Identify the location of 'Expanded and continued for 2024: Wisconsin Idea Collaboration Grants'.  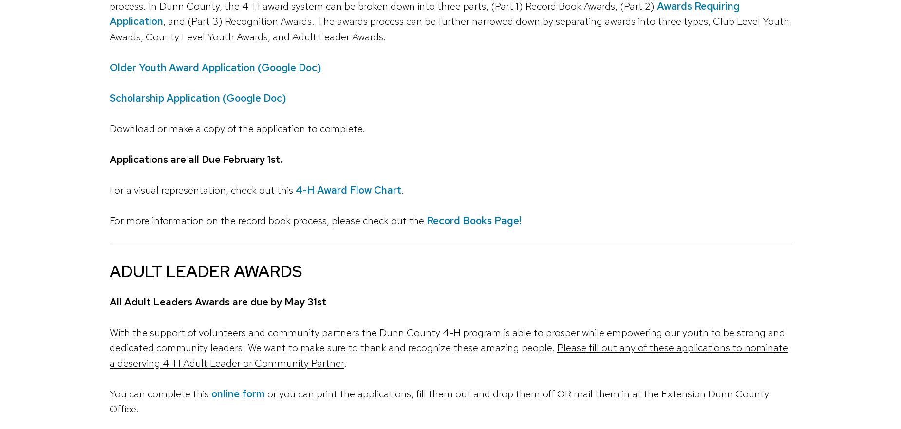
(780, 144).